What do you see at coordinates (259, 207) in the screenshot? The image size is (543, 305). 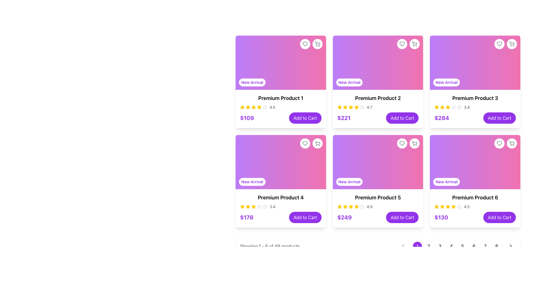 I see `the fifth star-shaped icon with a gray fill in the 'Premium Product 4' card, which represents an inactive state in the rating system` at bounding box center [259, 207].